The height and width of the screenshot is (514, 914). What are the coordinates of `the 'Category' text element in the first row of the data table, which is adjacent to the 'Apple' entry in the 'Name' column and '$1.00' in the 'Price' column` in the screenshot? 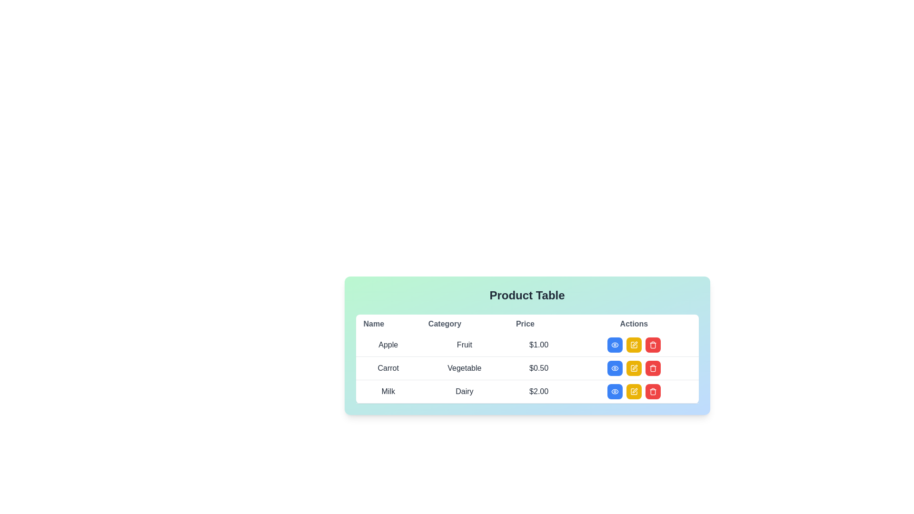 It's located at (464, 345).